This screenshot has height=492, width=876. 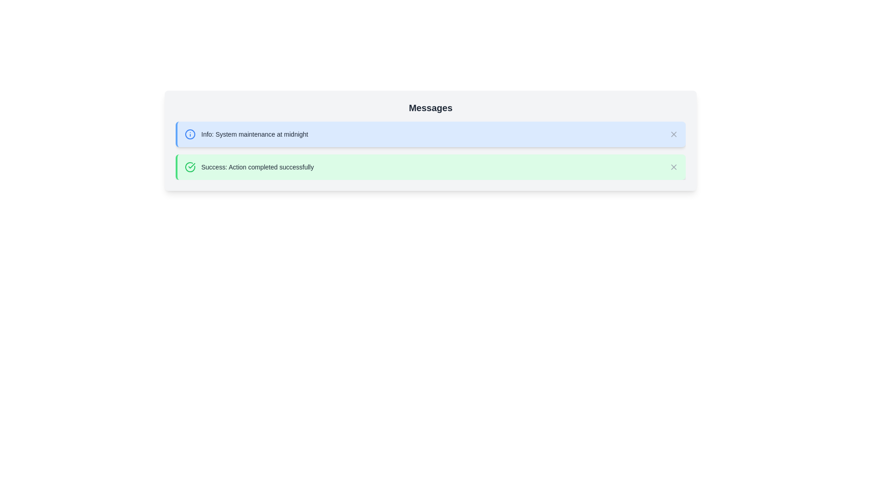 What do you see at coordinates (673, 134) in the screenshot?
I see `the Close button located at the far right of the notification box displaying the message 'Info: System maintenance at midnight'` at bounding box center [673, 134].